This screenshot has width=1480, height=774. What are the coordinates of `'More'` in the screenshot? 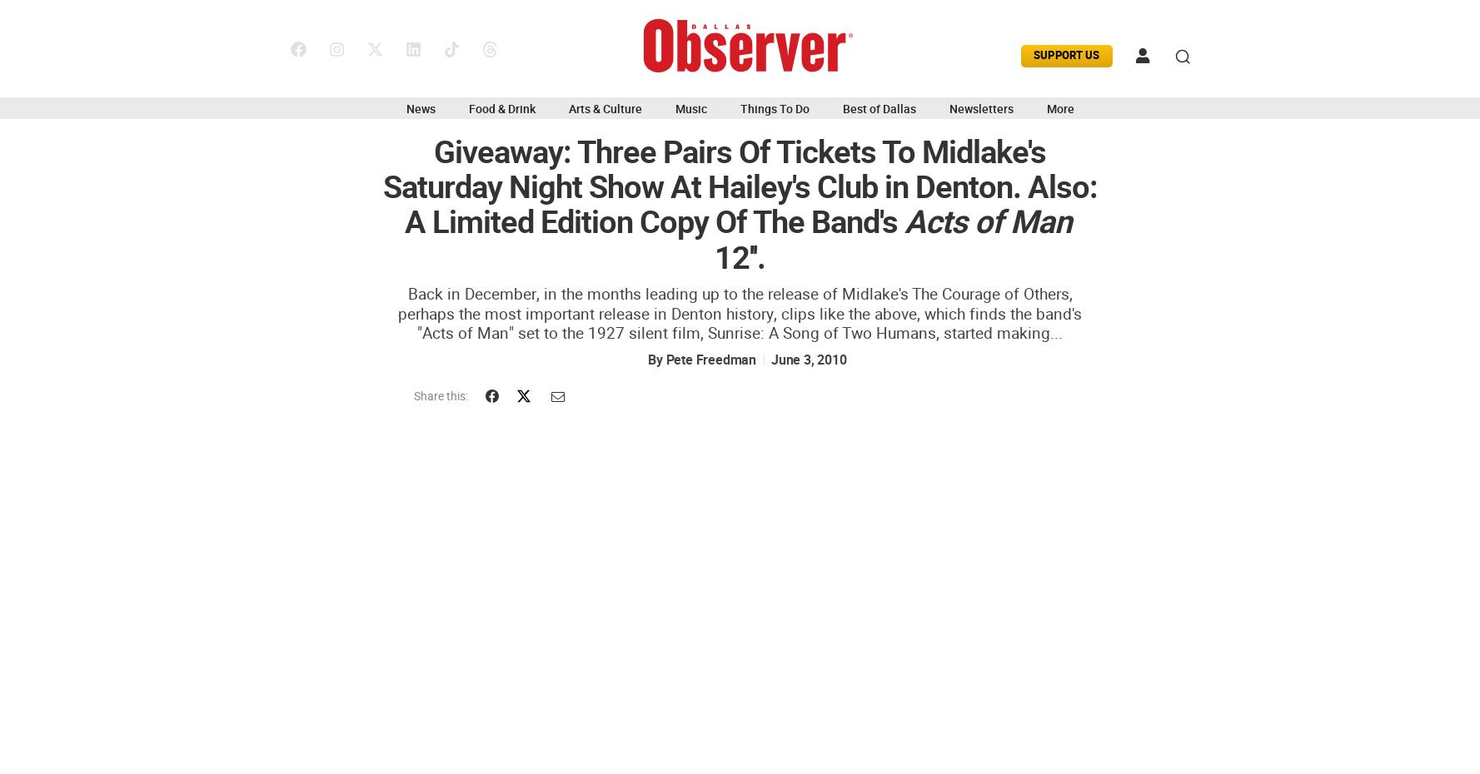 It's located at (1044, 108).